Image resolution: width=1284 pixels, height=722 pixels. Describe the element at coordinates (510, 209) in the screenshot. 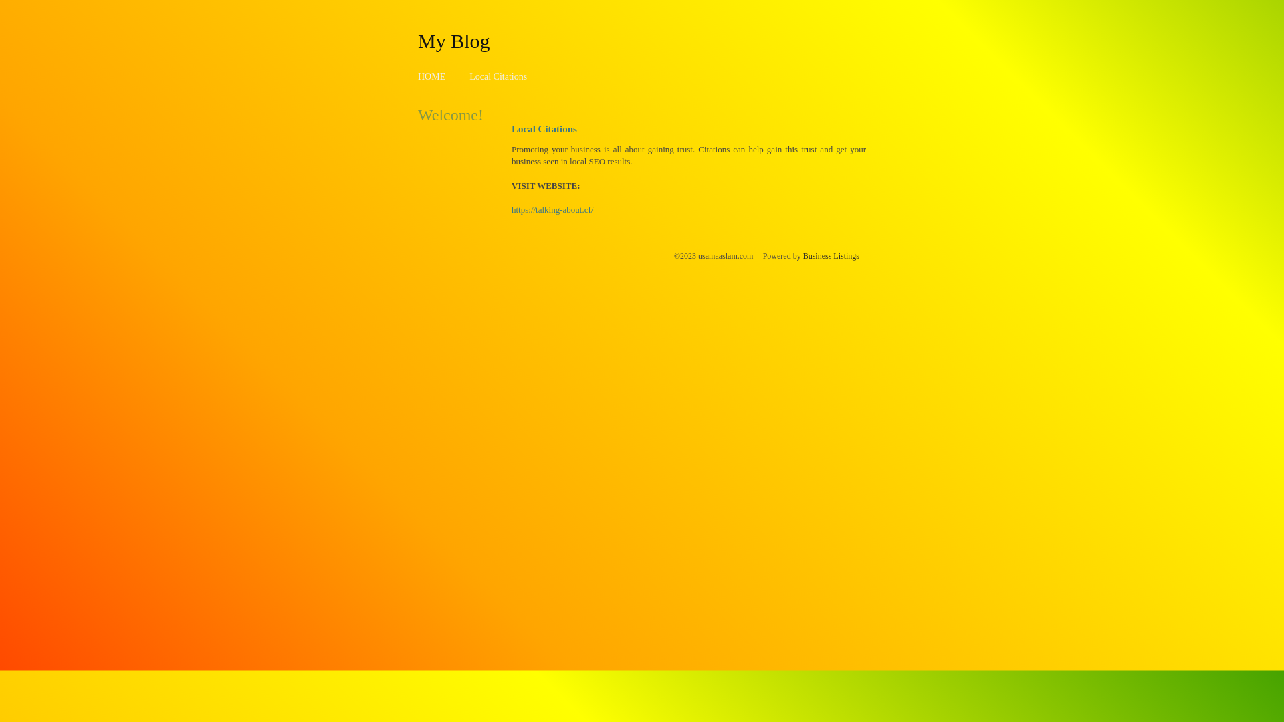

I see `'https://talking-about.cf/'` at that location.